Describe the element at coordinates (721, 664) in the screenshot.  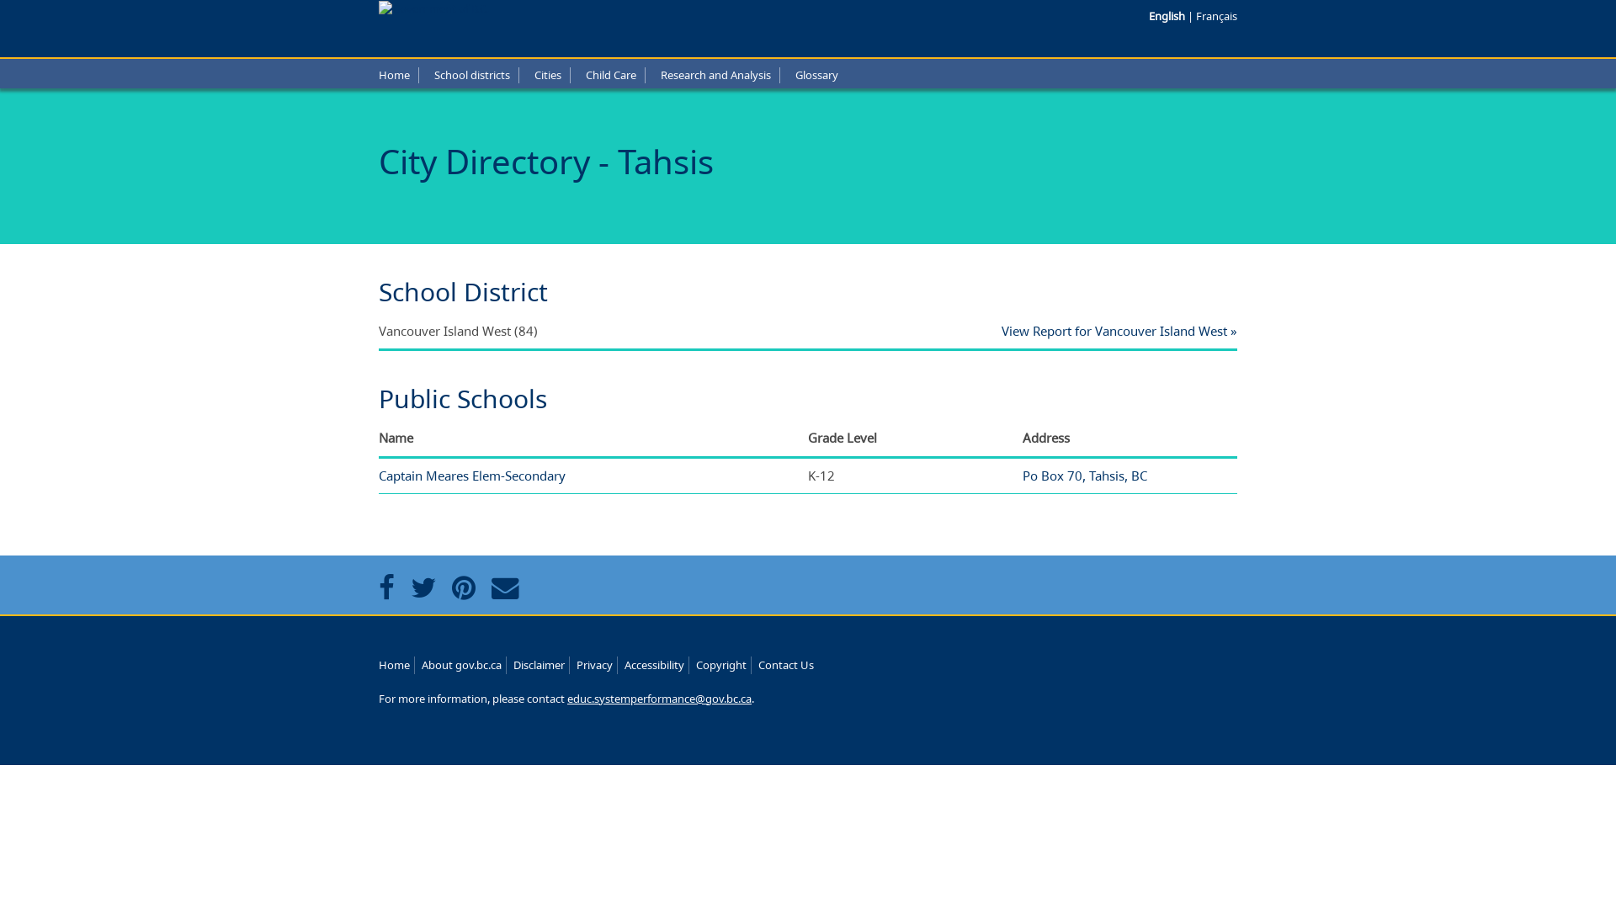
I see `'Copyright'` at that location.